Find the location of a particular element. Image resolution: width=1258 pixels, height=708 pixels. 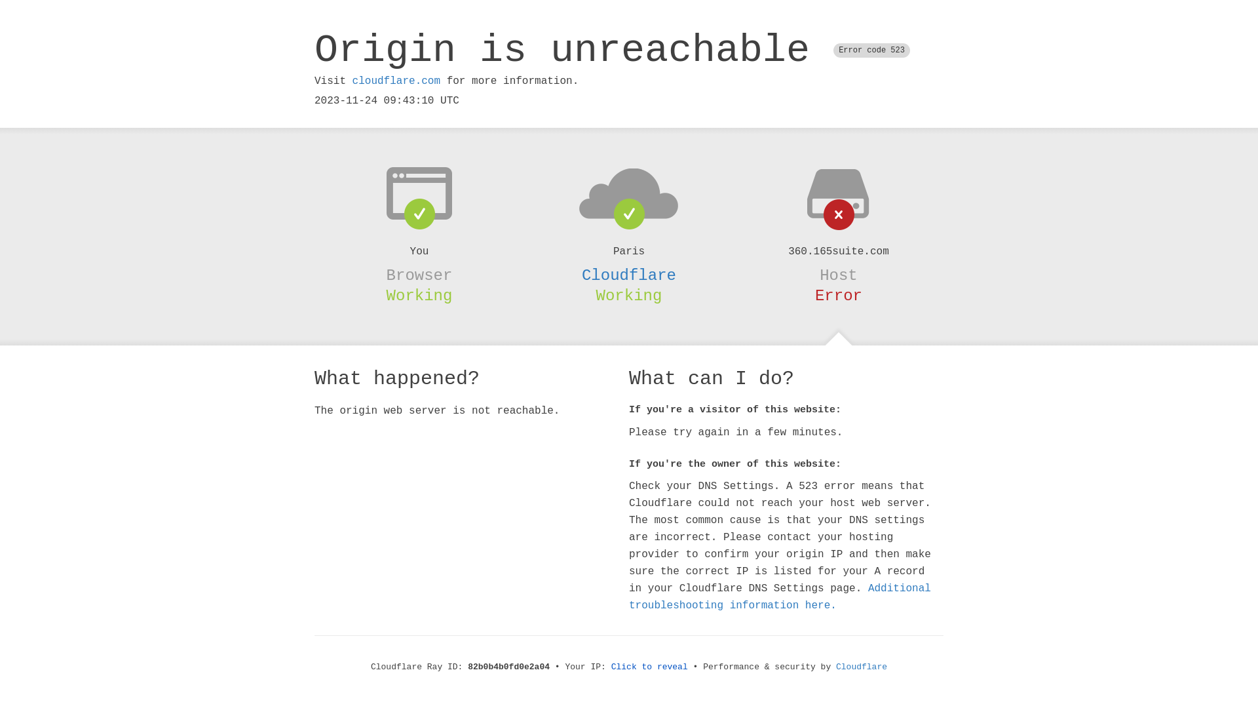

'Cloudflare' is located at coordinates (835, 667).